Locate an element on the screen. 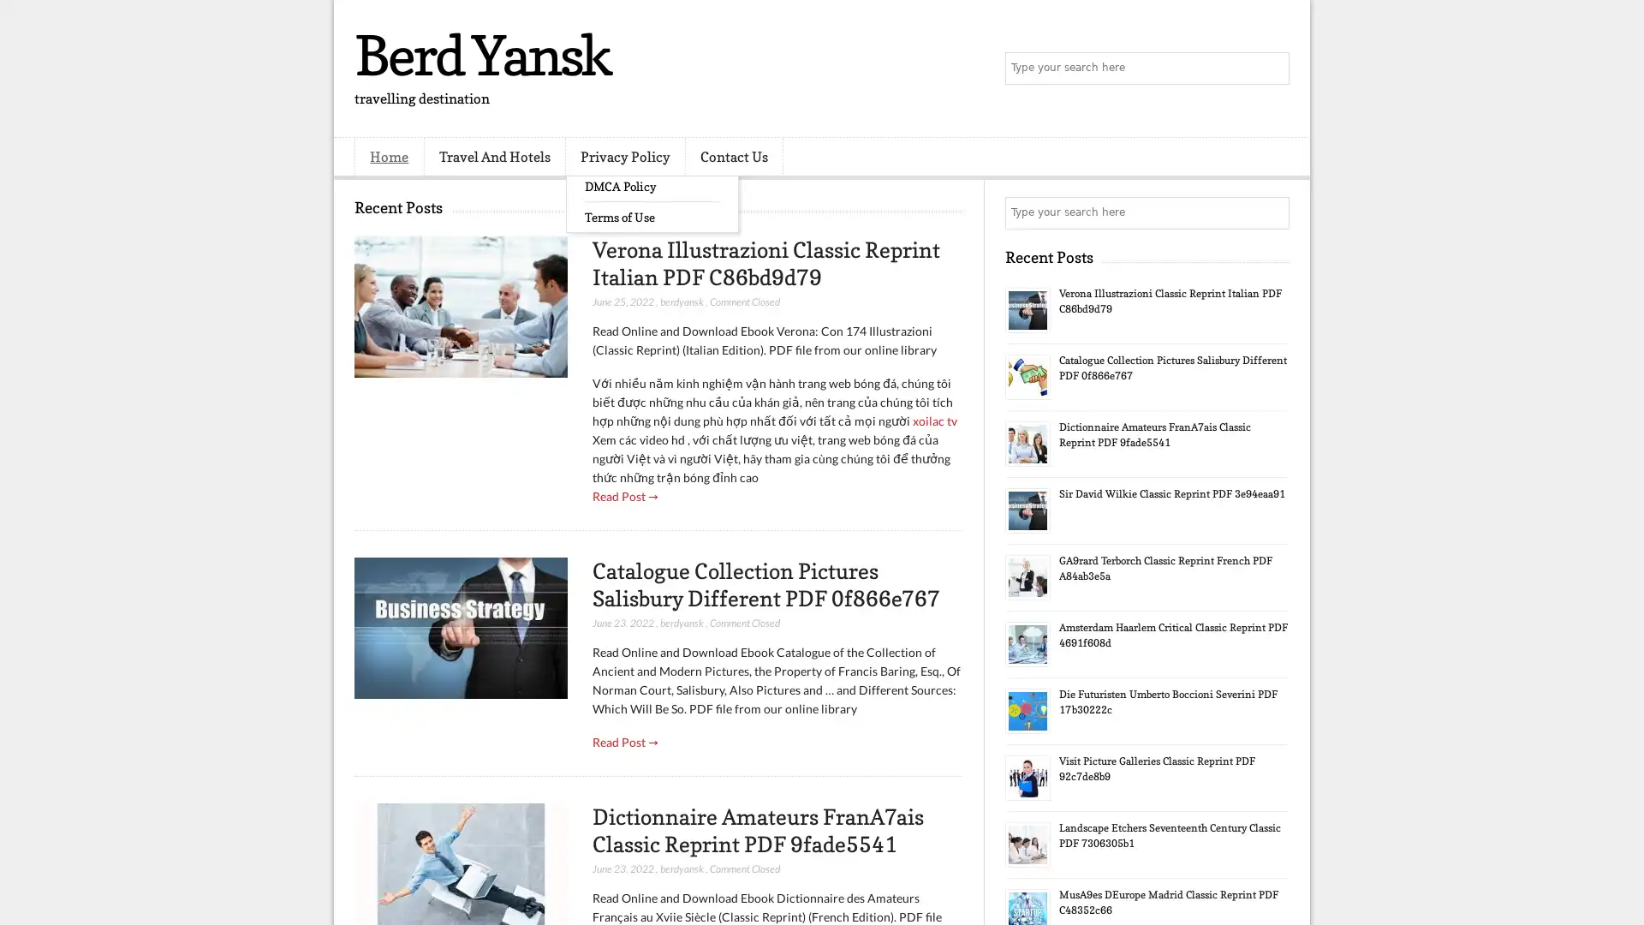 The image size is (1644, 925). Search is located at coordinates (1272, 212).